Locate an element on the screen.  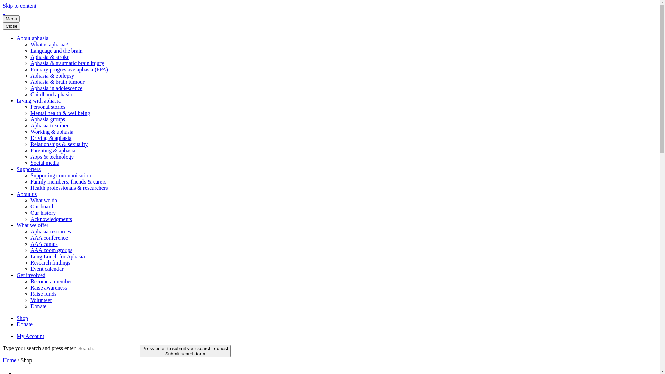
'AAA zoom groups' is located at coordinates (30, 250).